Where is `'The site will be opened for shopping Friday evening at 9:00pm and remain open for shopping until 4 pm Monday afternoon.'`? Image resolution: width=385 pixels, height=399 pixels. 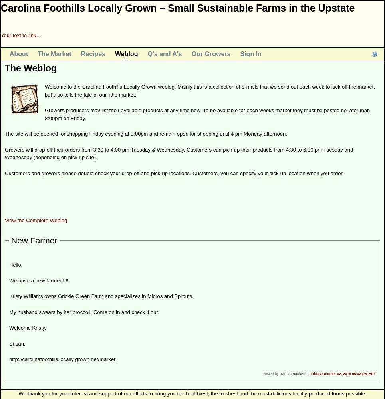 'The site will be opened for shopping Friday evening at 9:00pm and remain open for shopping until 4 pm Monday afternoon.' is located at coordinates (145, 133).